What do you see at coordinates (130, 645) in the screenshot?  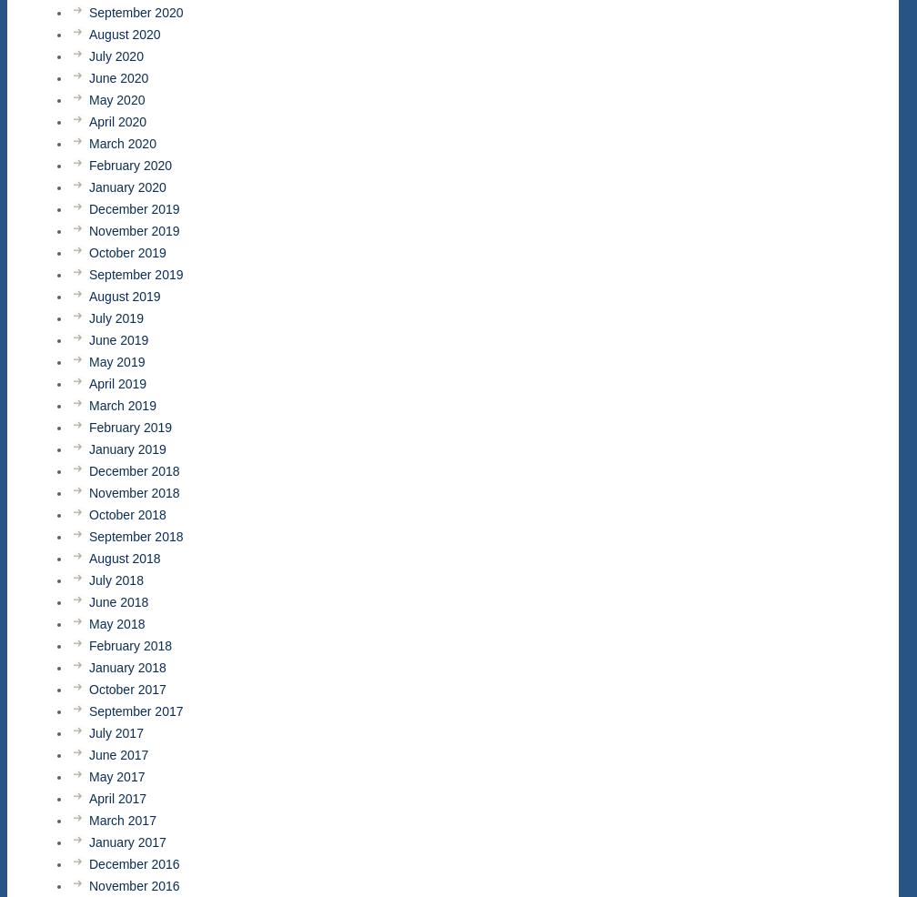 I see `'February 2018'` at bounding box center [130, 645].